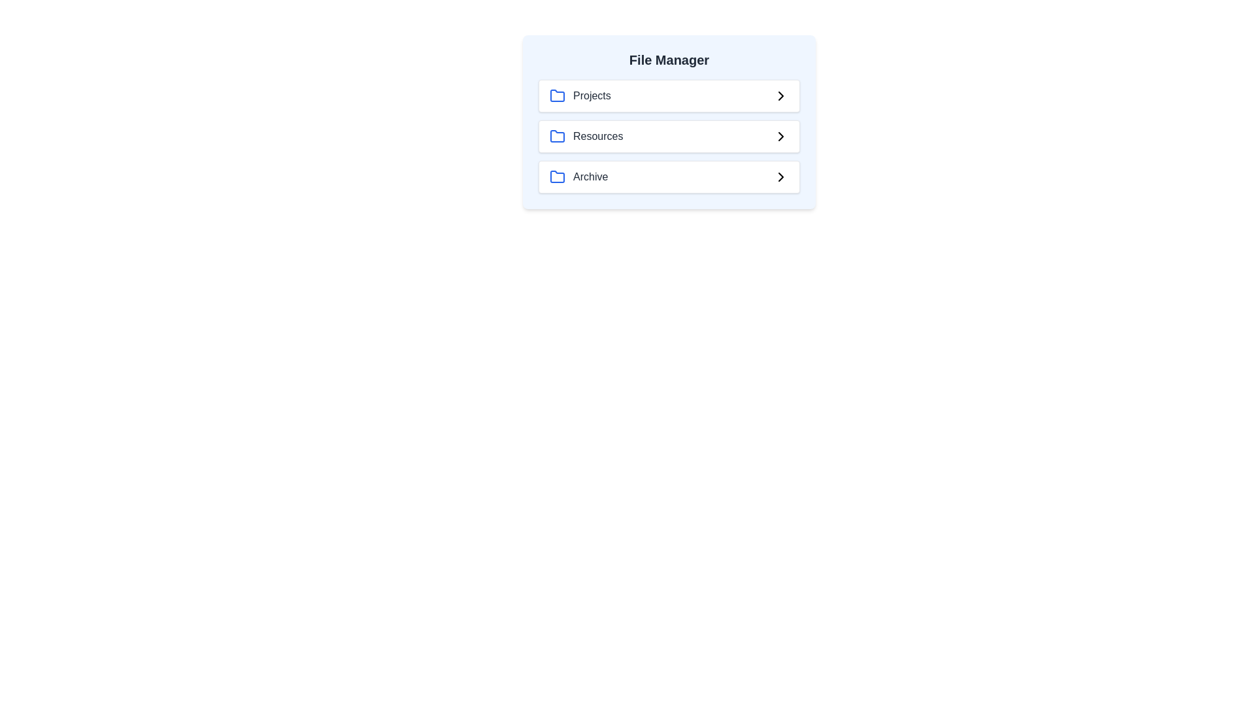 The width and height of the screenshot is (1255, 706). I want to click on the navigational icon located at the far right of the 'Archive' row in the 'File Manager' interface, so click(781, 176).